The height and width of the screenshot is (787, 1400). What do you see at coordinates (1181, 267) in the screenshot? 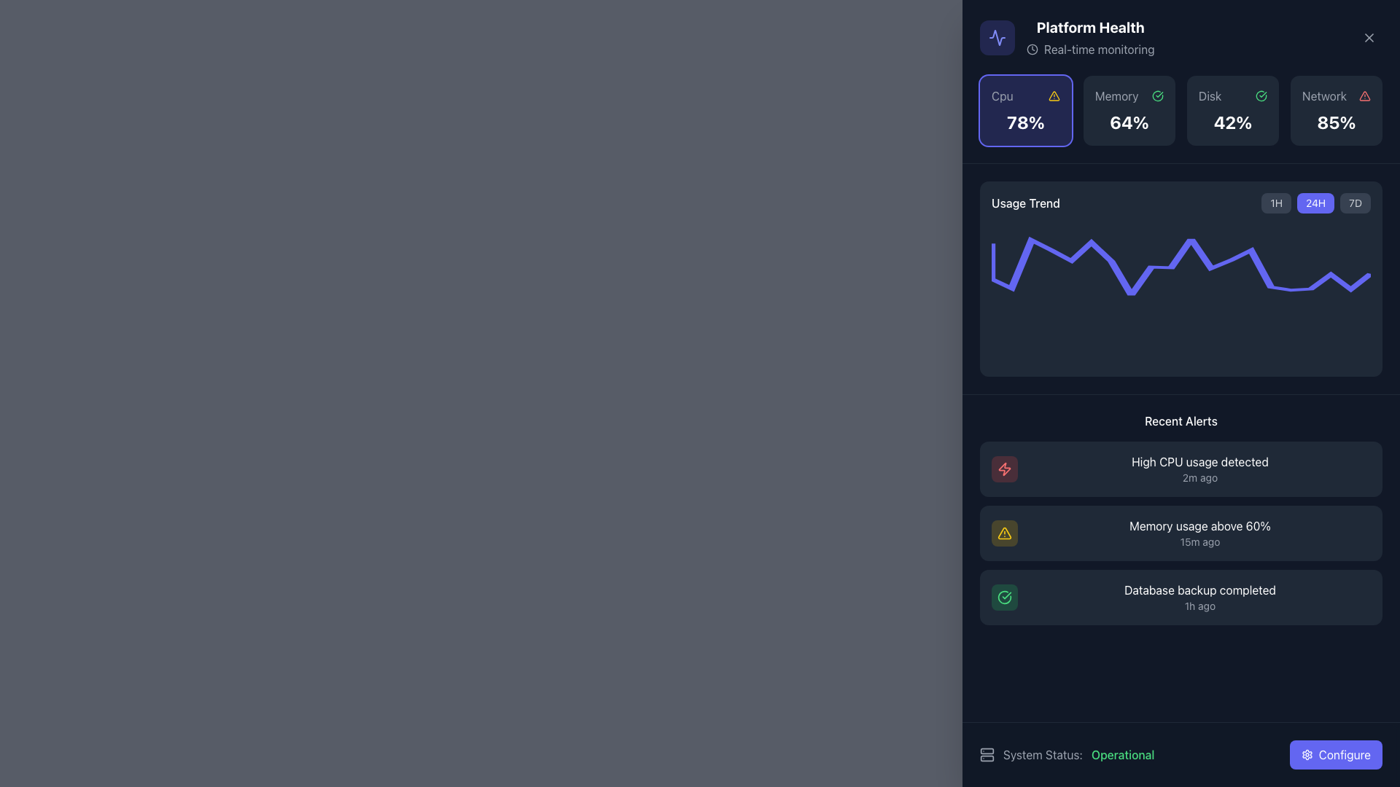
I see `the purple polyline graphical representation within the 'Usage Trend' section of the chart` at bounding box center [1181, 267].